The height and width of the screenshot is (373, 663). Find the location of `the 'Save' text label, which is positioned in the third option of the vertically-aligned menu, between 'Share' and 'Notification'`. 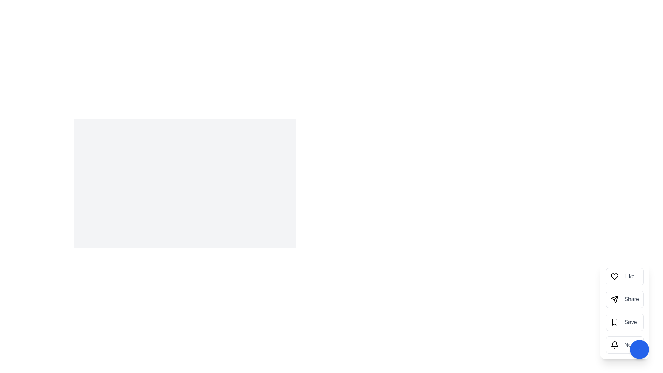

the 'Save' text label, which is positioned in the third option of the vertically-aligned menu, between 'Share' and 'Notification' is located at coordinates (631, 322).